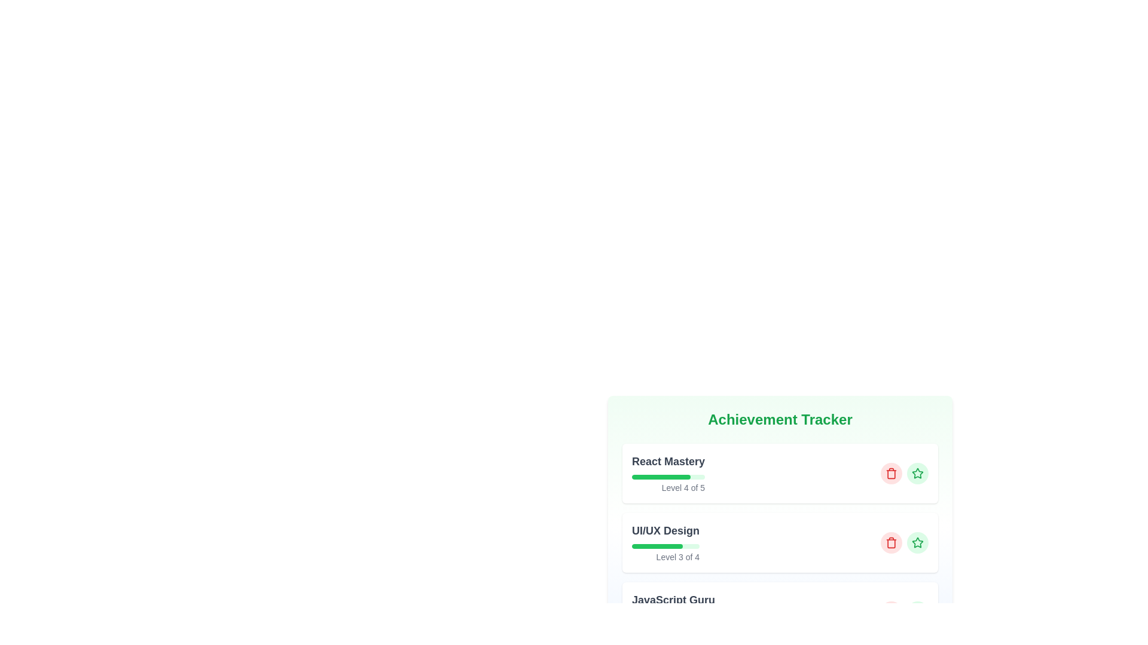 Image resolution: width=1148 pixels, height=645 pixels. What do you see at coordinates (668, 460) in the screenshot?
I see `text element displaying the title 'React Mastery' in bold, gray-colored text, located above the progress bar in the Achievement Tracker section` at bounding box center [668, 460].